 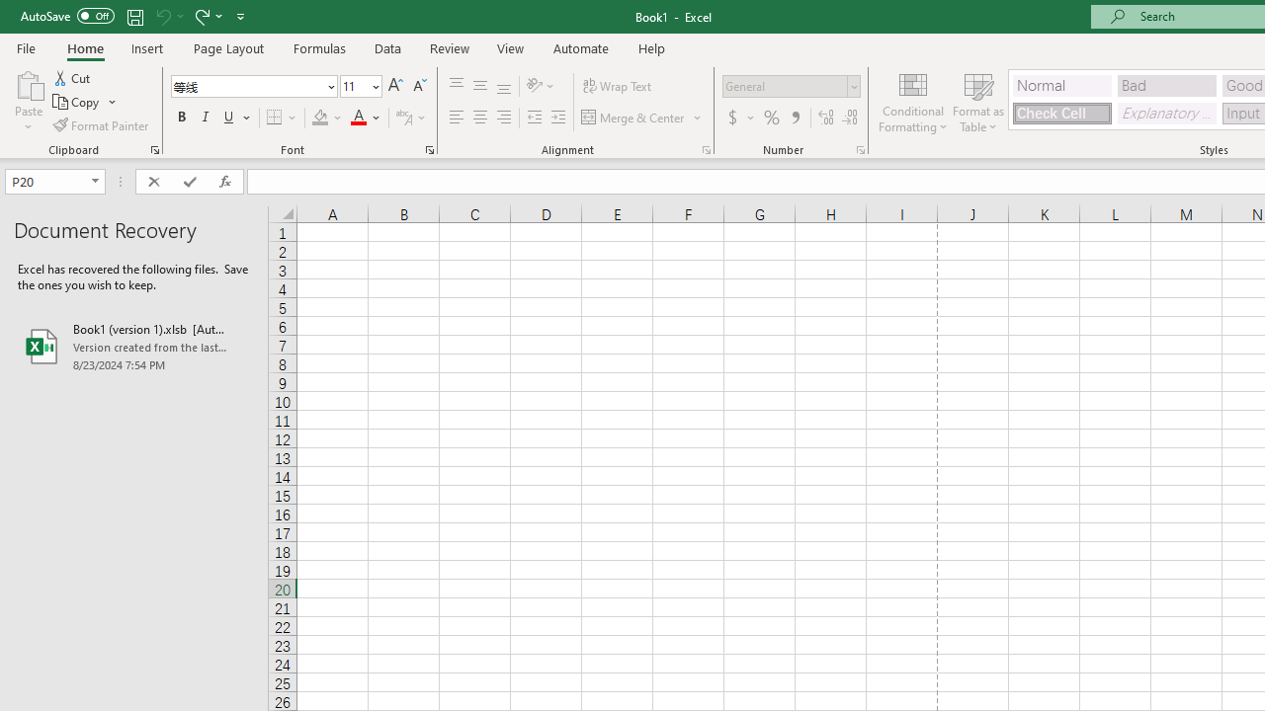 I want to click on 'Center', so click(x=479, y=118).